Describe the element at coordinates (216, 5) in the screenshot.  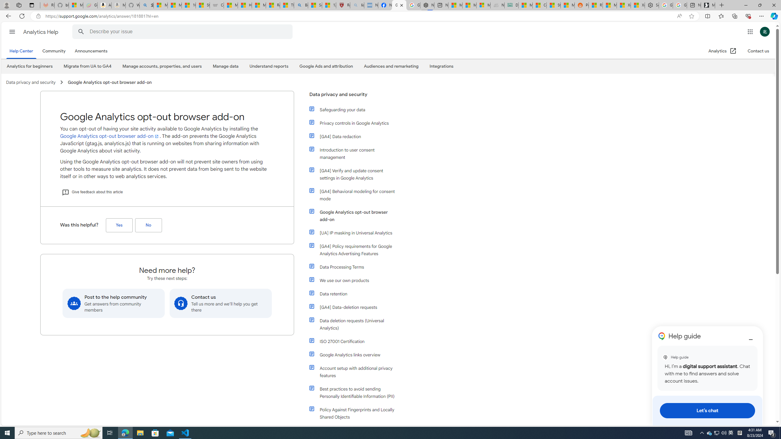
I see `'Combat Siege'` at that location.